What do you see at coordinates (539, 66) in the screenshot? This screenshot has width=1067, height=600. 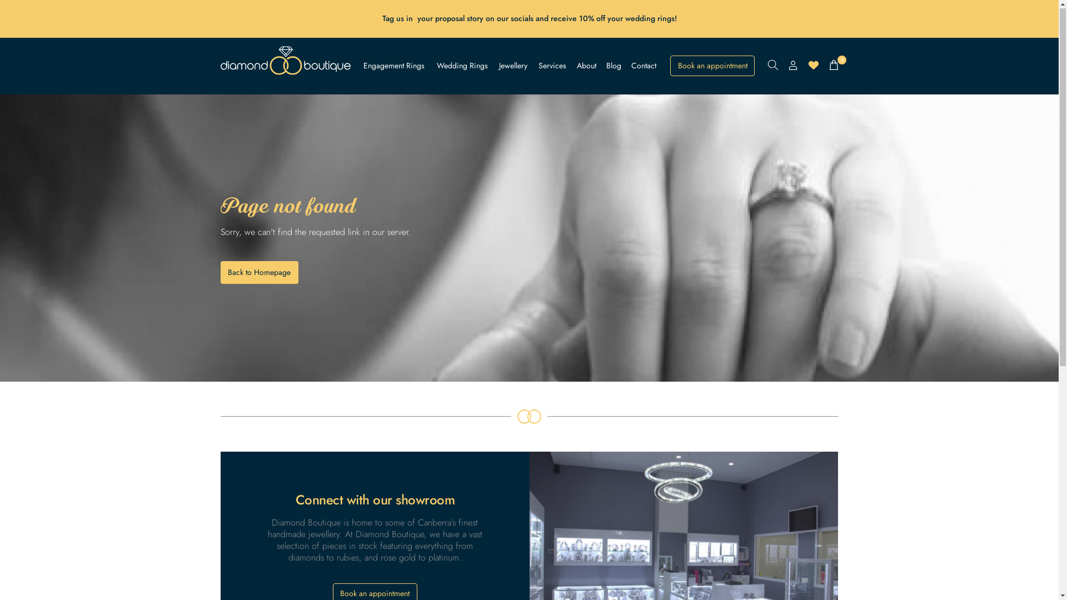 I see `'Services'` at bounding box center [539, 66].